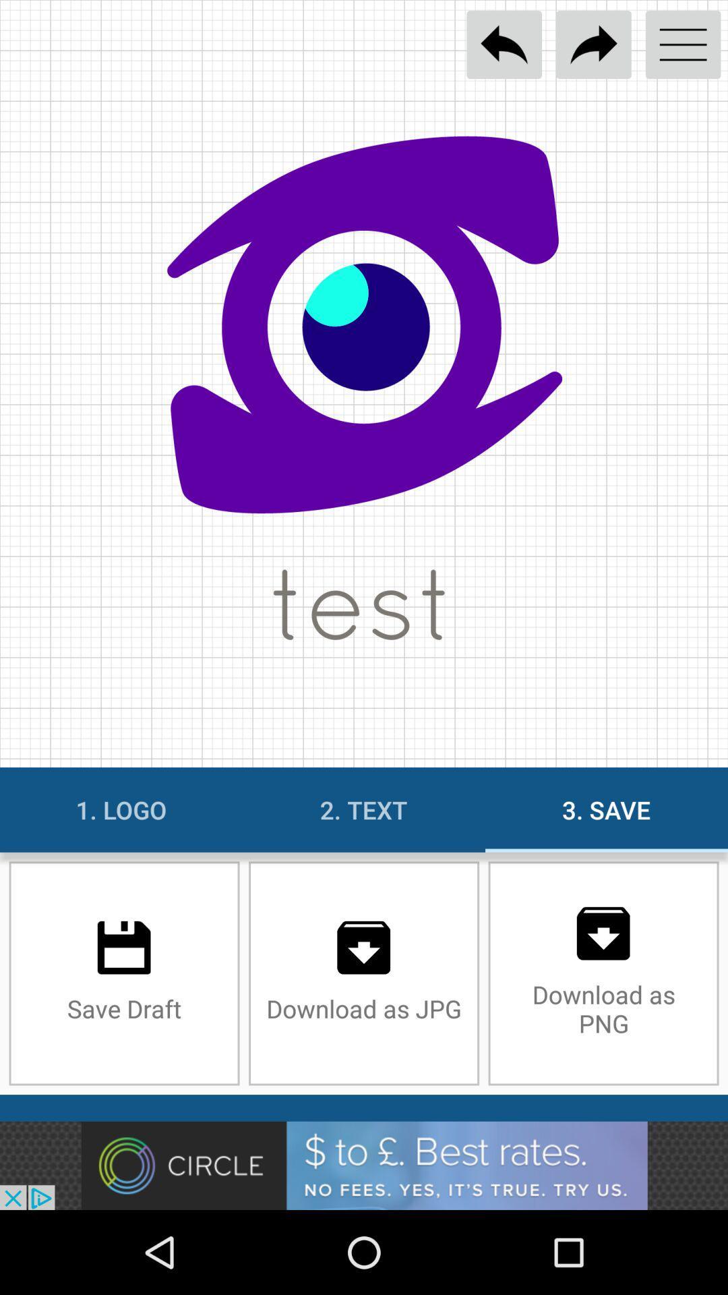 This screenshot has height=1295, width=728. I want to click on the menu icon, so click(683, 45).